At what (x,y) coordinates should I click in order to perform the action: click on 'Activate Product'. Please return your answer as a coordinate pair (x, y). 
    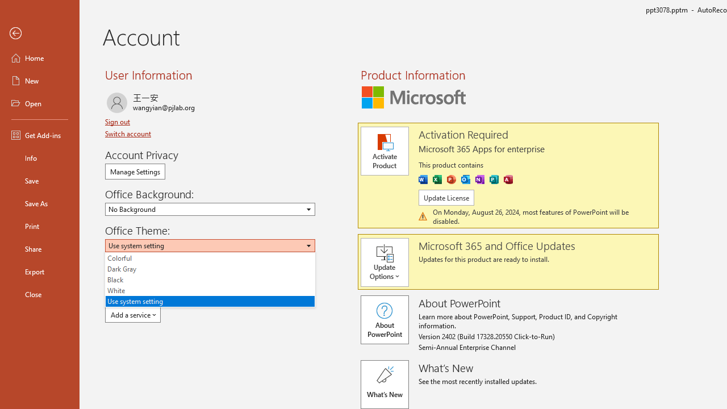
    Looking at the image, I should click on (385, 151).